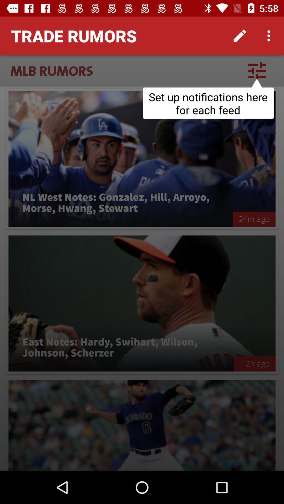 This screenshot has height=504, width=284. What do you see at coordinates (257, 70) in the screenshot?
I see `the sliders icon` at bounding box center [257, 70].